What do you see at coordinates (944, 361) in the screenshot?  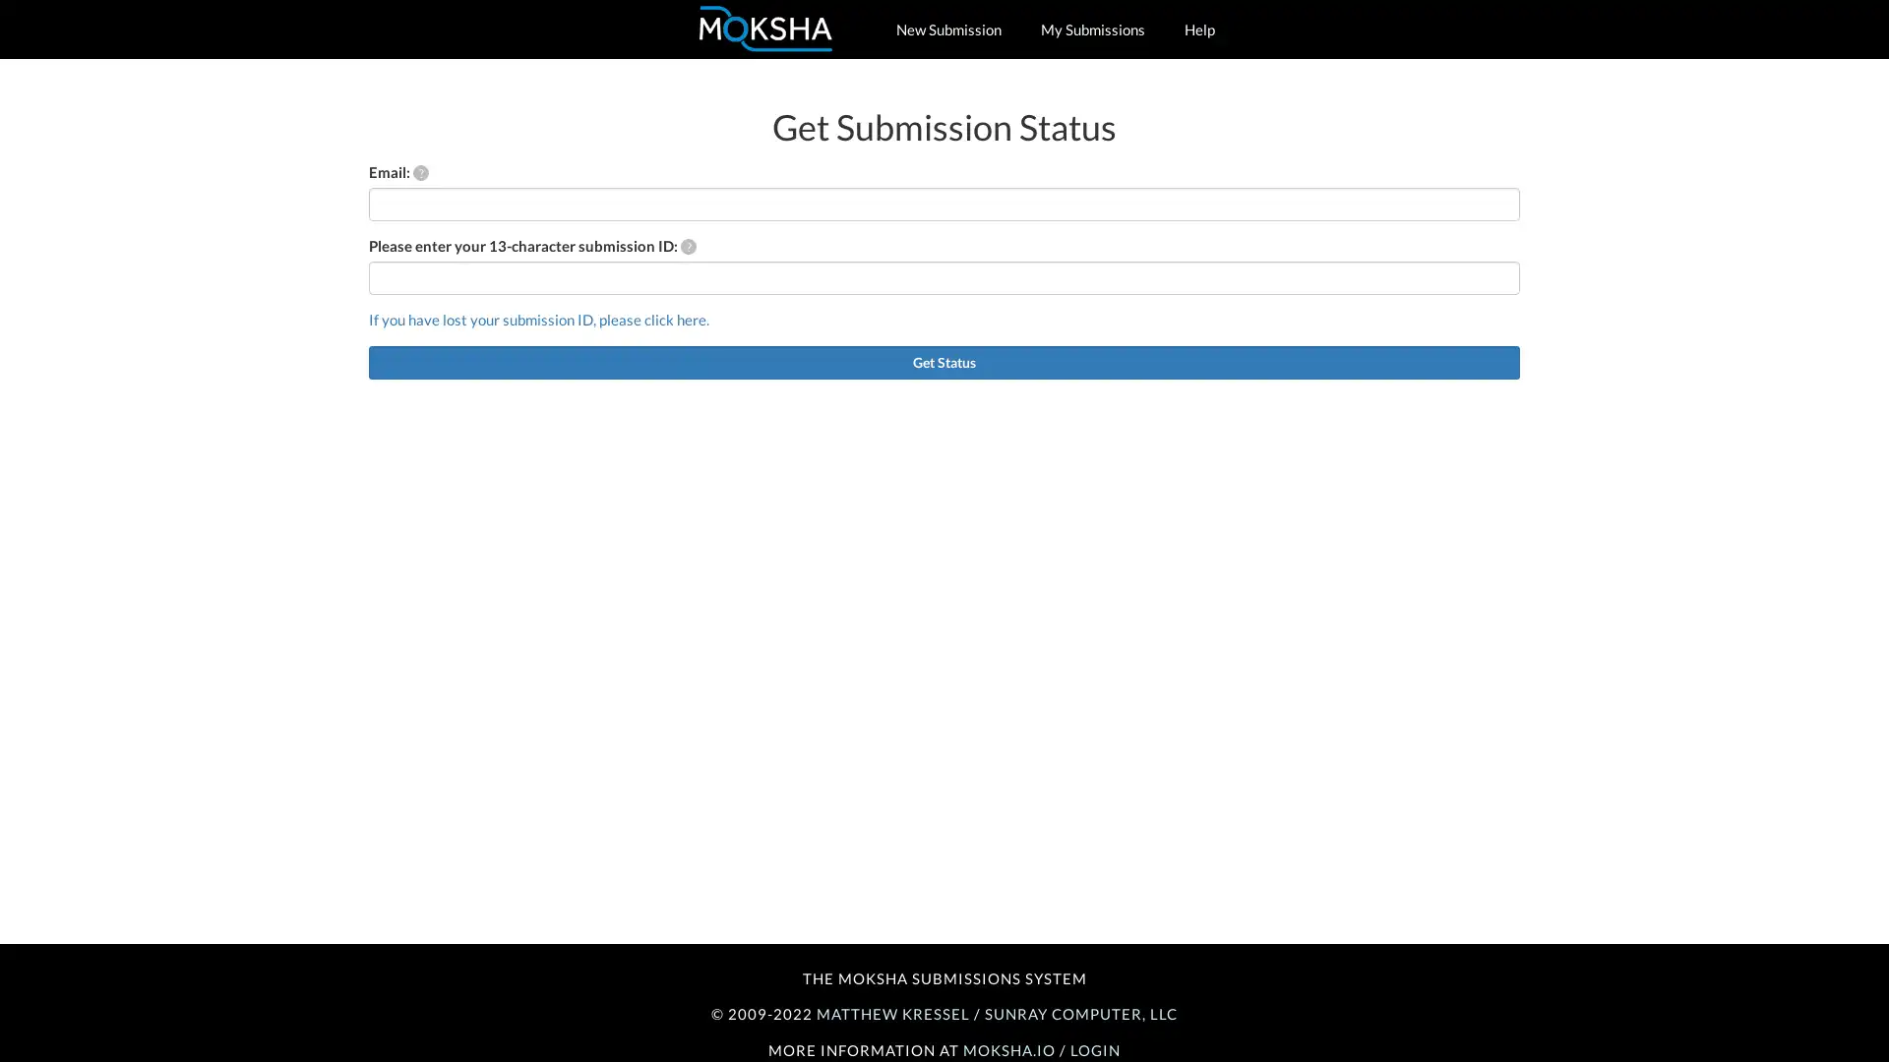 I see `Get Status` at bounding box center [944, 361].